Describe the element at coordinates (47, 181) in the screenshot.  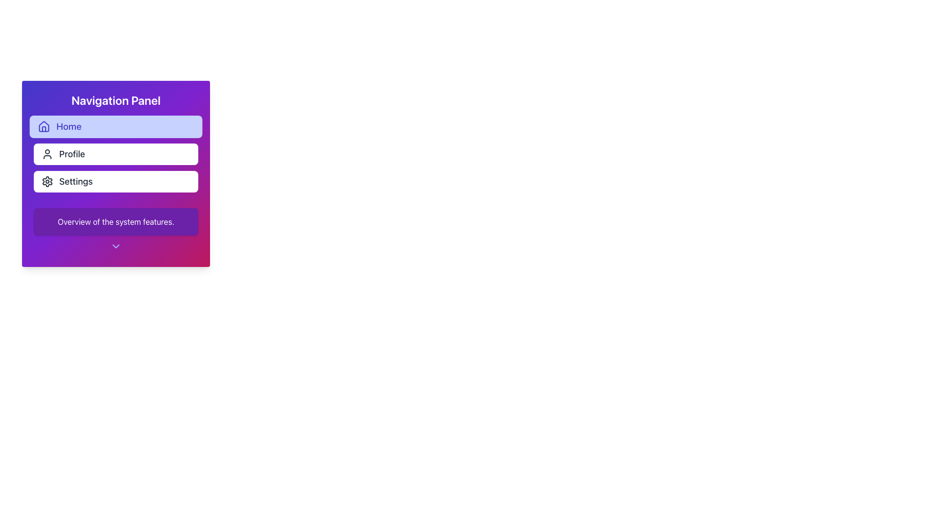
I see `the cogwheel-shaped icon representing settings, which is located to the left of the 'Settings' text label` at that location.